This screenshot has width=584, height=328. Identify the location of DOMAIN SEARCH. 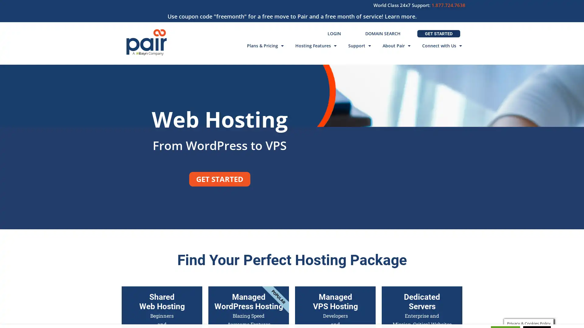
(382, 34).